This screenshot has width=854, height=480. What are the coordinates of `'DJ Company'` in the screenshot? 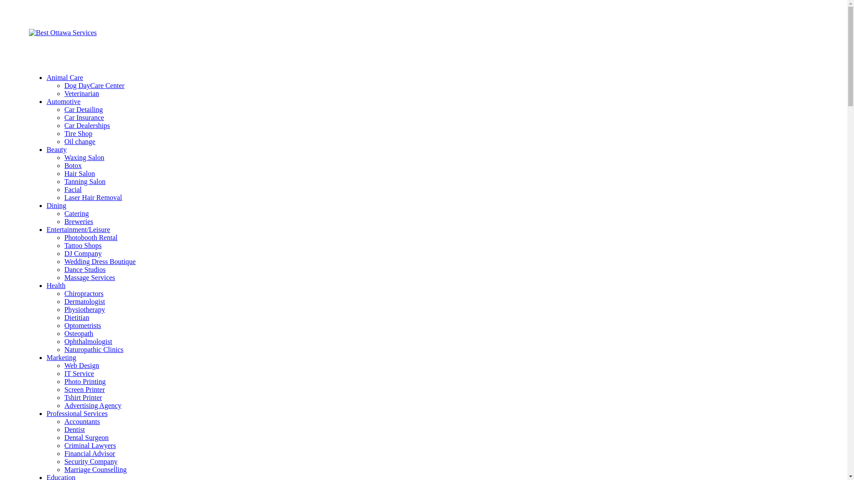 It's located at (83, 253).